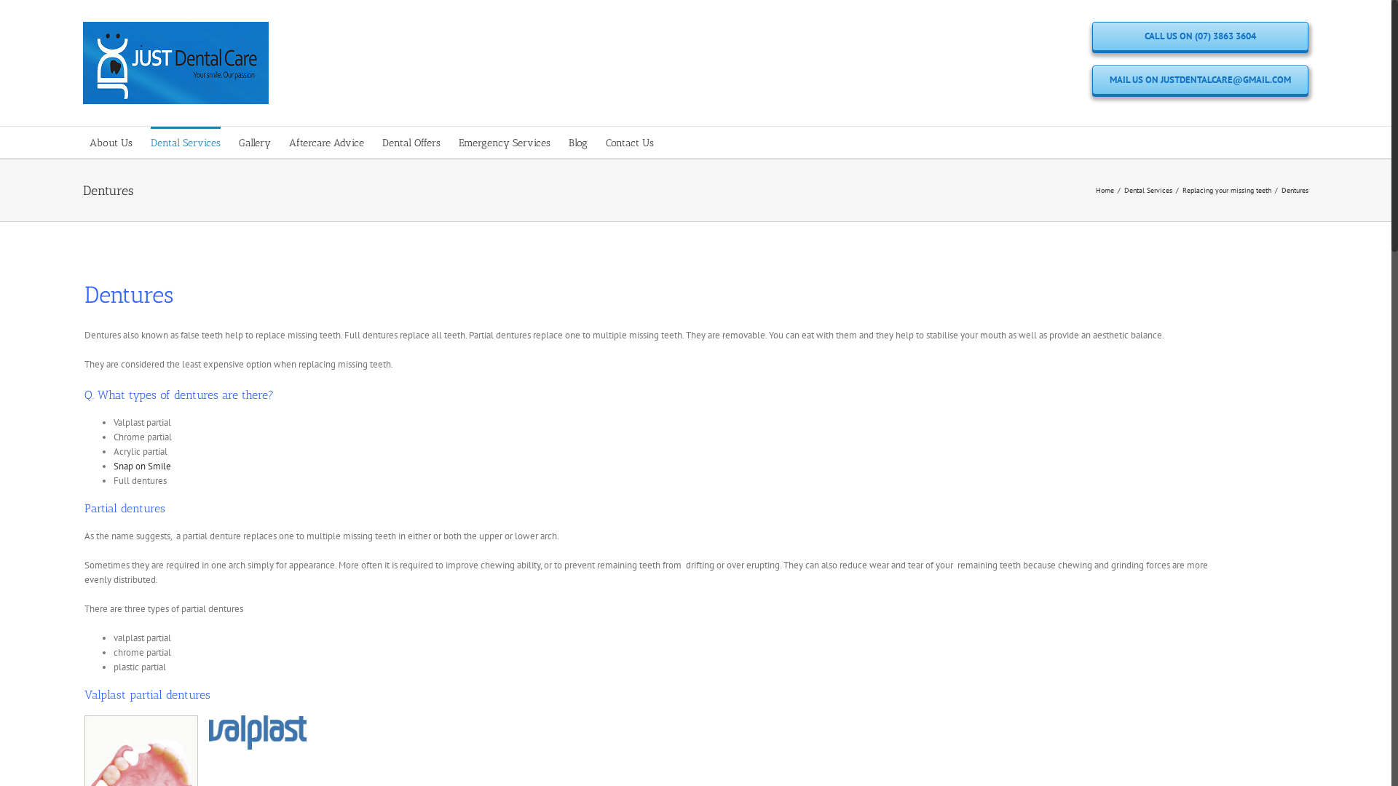  What do you see at coordinates (629, 142) in the screenshot?
I see `'Contact Us'` at bounding box center [629, 142].